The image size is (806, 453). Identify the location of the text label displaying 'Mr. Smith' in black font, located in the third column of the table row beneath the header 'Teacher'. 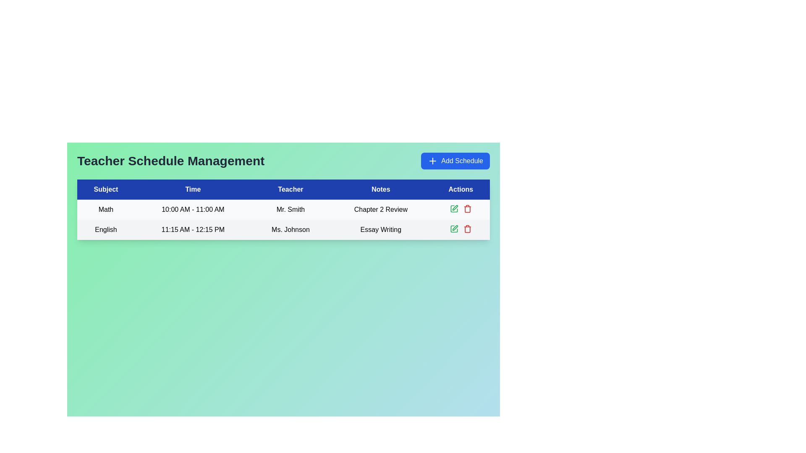
(290, 209).